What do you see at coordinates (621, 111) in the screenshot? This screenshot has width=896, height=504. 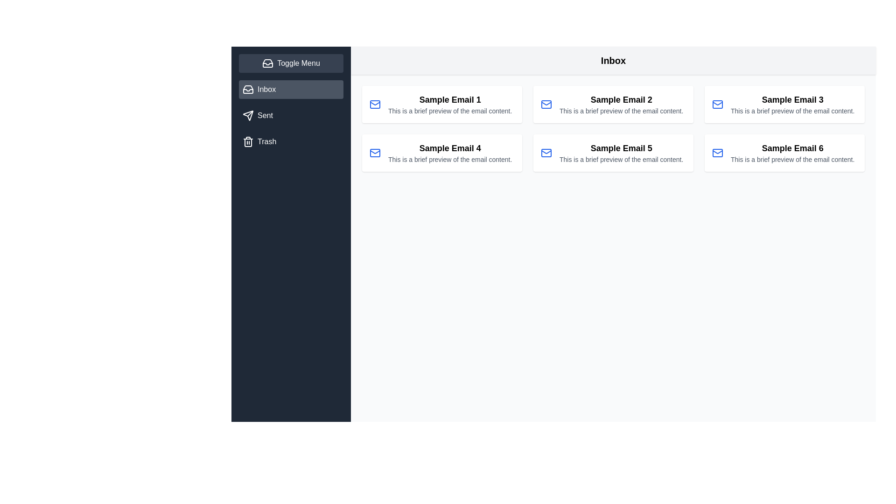 I see `the text label that reads 'This is a brief preview of the email content.' located below 'Sample Email 2' in the email grid layout` at bounding box center [621, 111].